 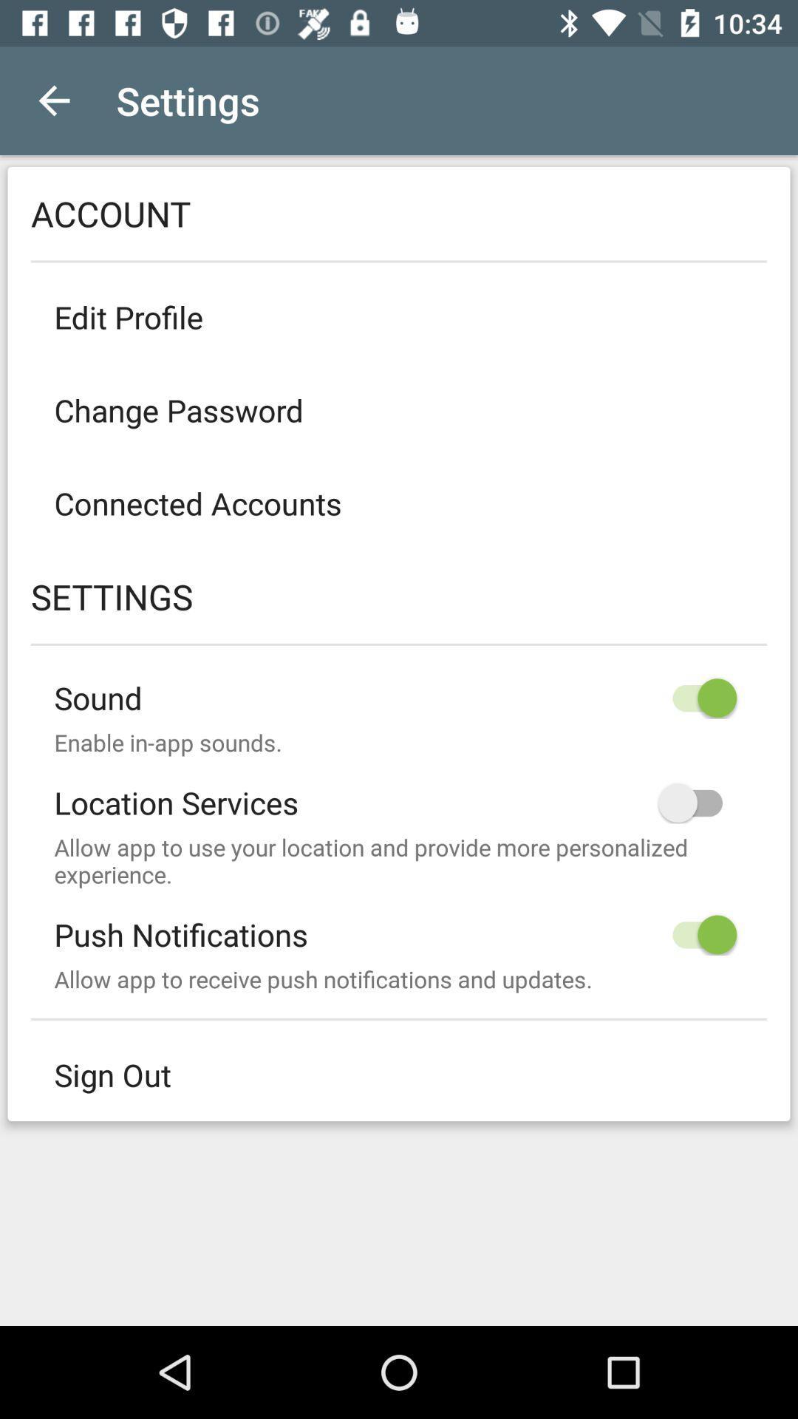 I want to click on location services item, so click(x=399, y=790).